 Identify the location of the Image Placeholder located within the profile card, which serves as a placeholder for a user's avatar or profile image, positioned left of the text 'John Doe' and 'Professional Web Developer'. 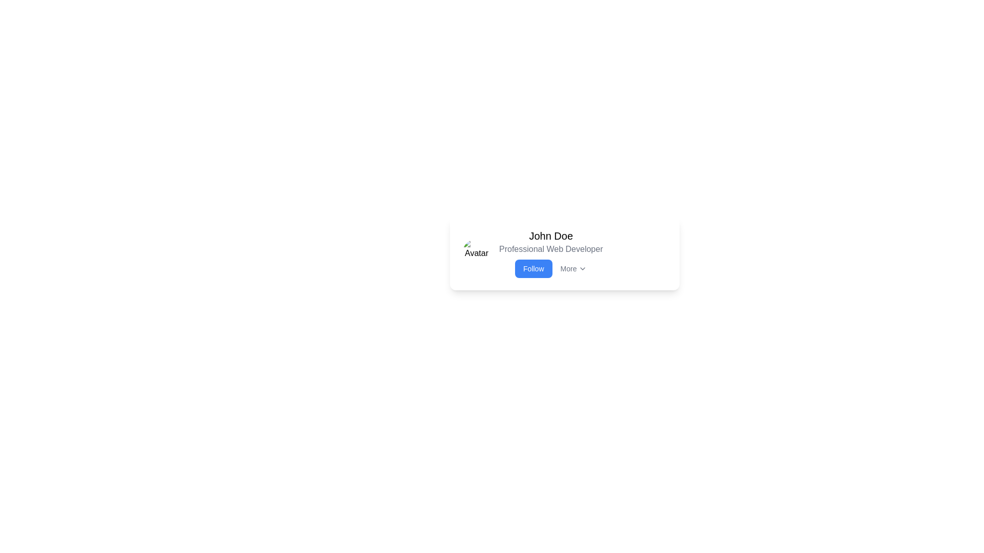
(476, 253).